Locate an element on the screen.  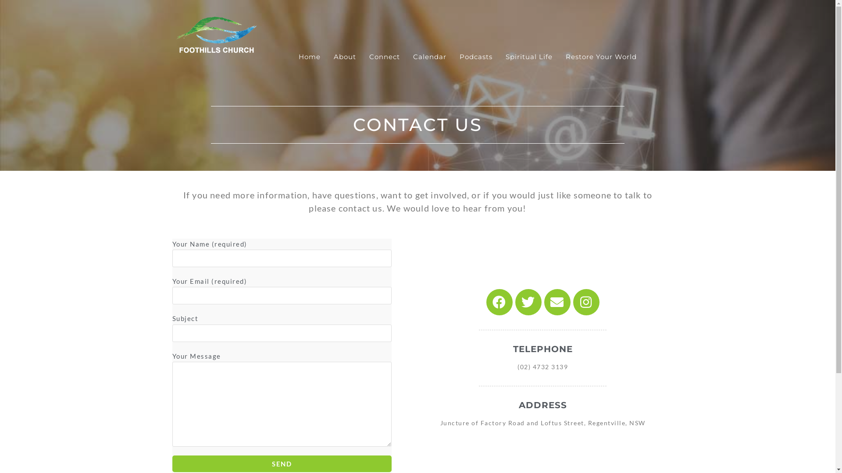
'Calendar' is located at coordinates (429, 57).